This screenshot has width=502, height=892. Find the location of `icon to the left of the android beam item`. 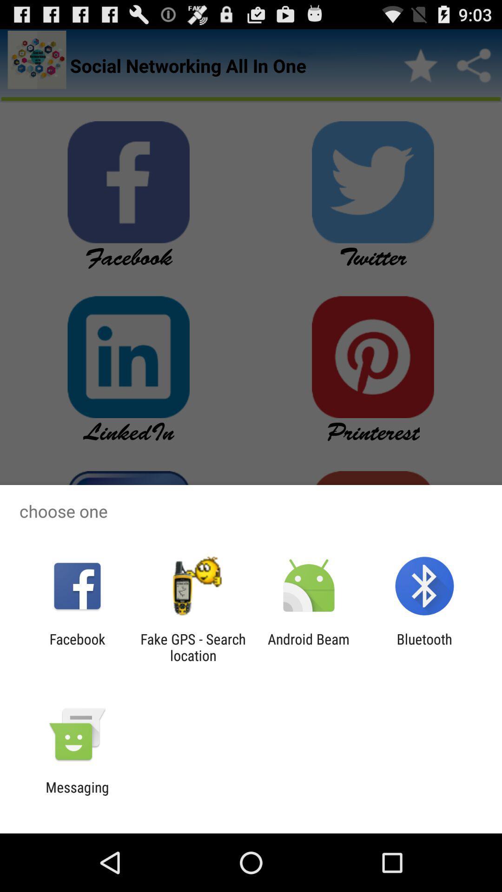

icon to the left of the android beam item is located at coordinates (192, 647).